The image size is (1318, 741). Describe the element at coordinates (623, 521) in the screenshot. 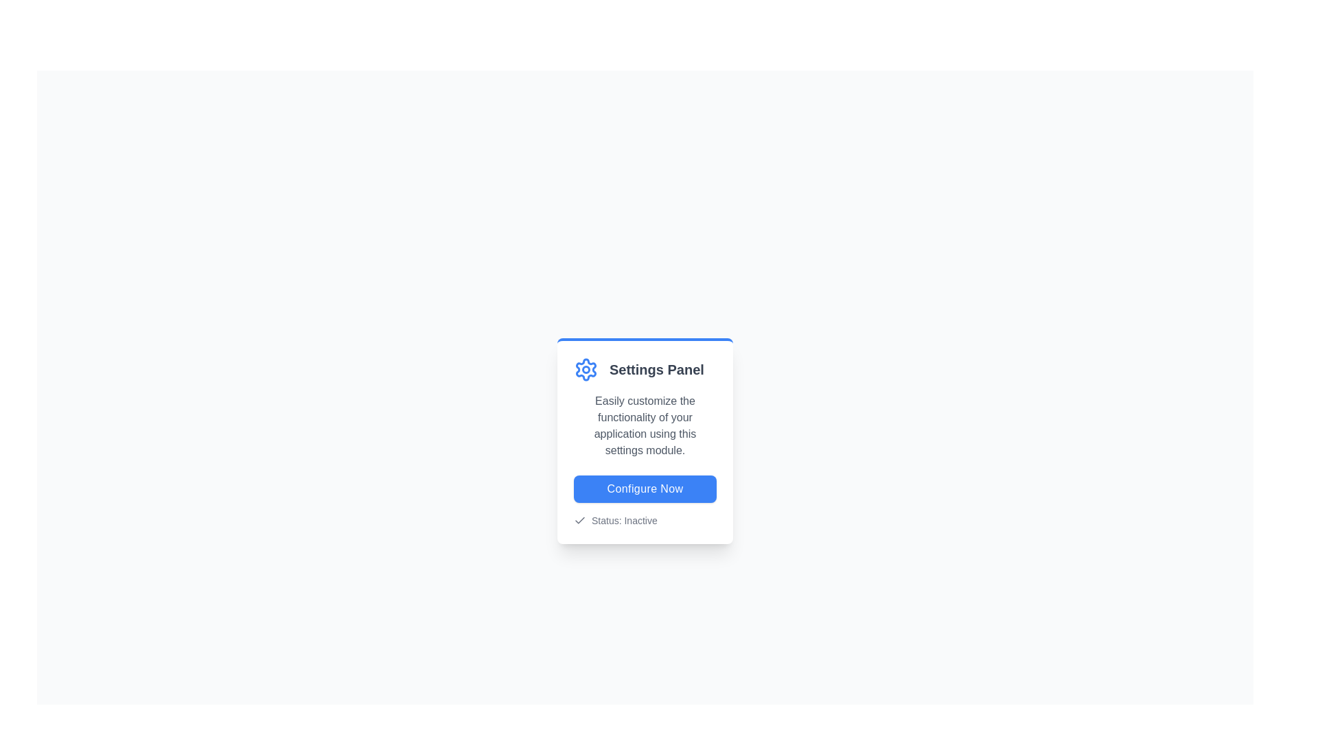

I see `the text label that reads 'Status: Inactive', which is positioned below the 'Configure Now' button and adjacent to a checkmark icon in the settings interface` at that location.